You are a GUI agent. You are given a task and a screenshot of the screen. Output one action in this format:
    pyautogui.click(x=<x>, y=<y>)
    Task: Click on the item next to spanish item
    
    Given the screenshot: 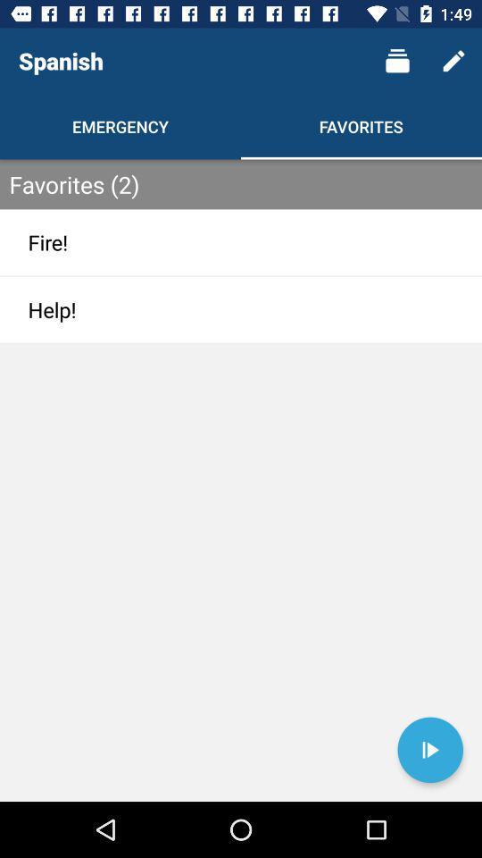 What is the action you would take?
    pyautogui.click(x=397, y=61)
    